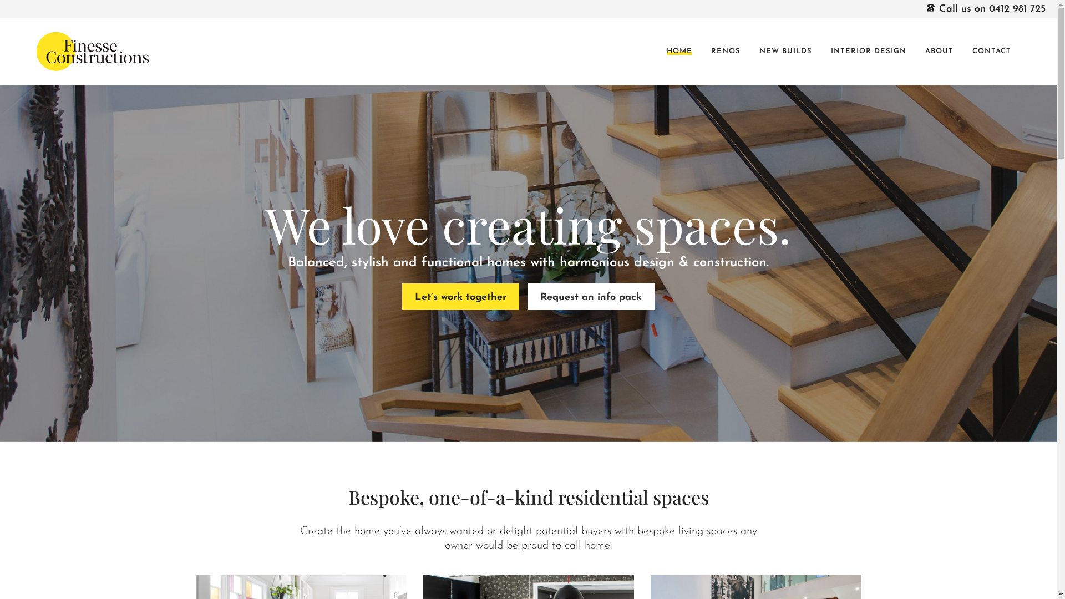 The width and height of the screenshot is (1065, 599). I want to click on 'INTERIOR DESIGN', so click(868, 51).